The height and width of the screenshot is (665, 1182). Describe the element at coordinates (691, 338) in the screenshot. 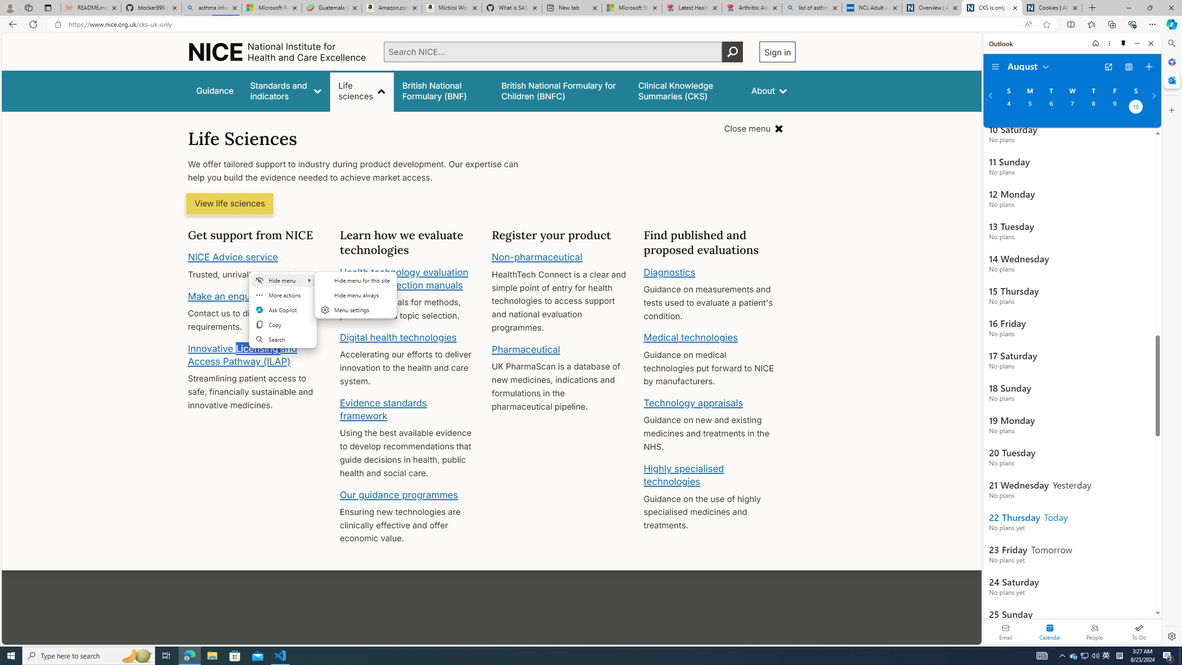

I see `'Medical technologies'` at that location.